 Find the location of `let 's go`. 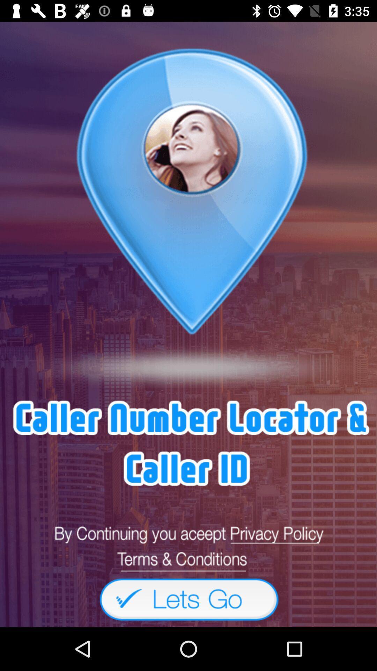

let 's go is located at coordinates (188, 599).